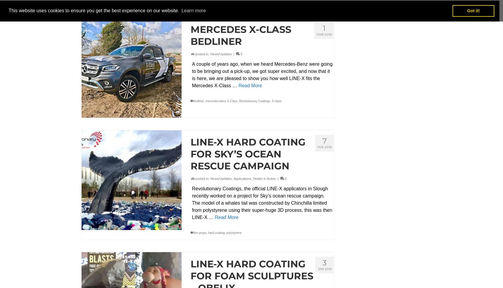  I want to click on 'hard-coating', so click(216, 232).